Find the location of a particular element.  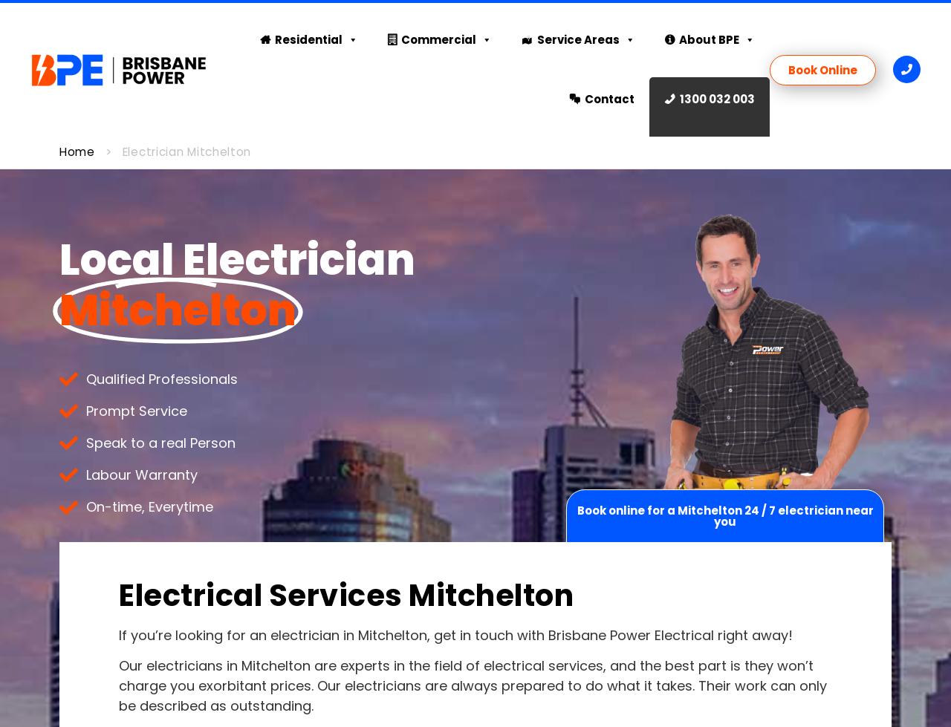

'Mitchelton' is located at coordinates (59, 310).